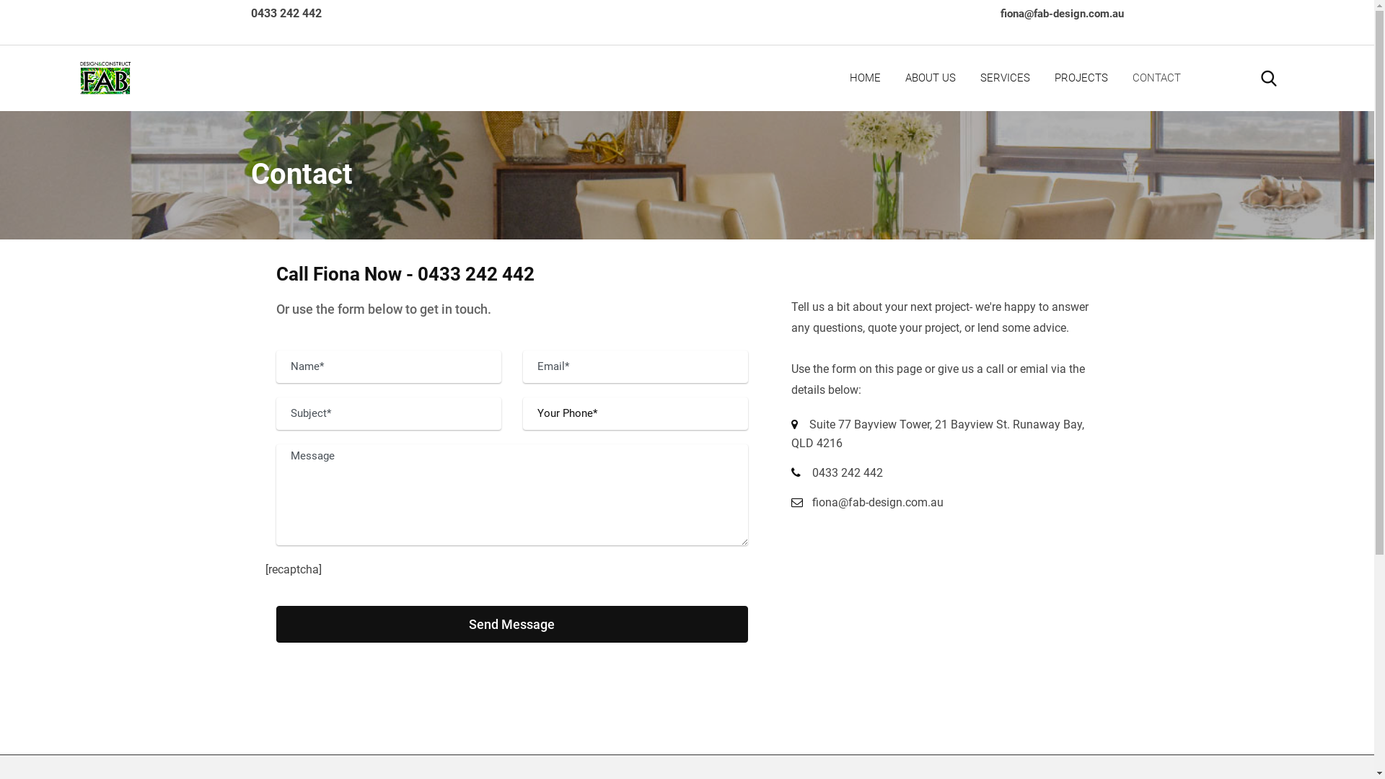 Image resolution: width=1385 pixels, height=779 pixels. I want to click on 'fiona@fab-design.com.au', so click(1061, 14).